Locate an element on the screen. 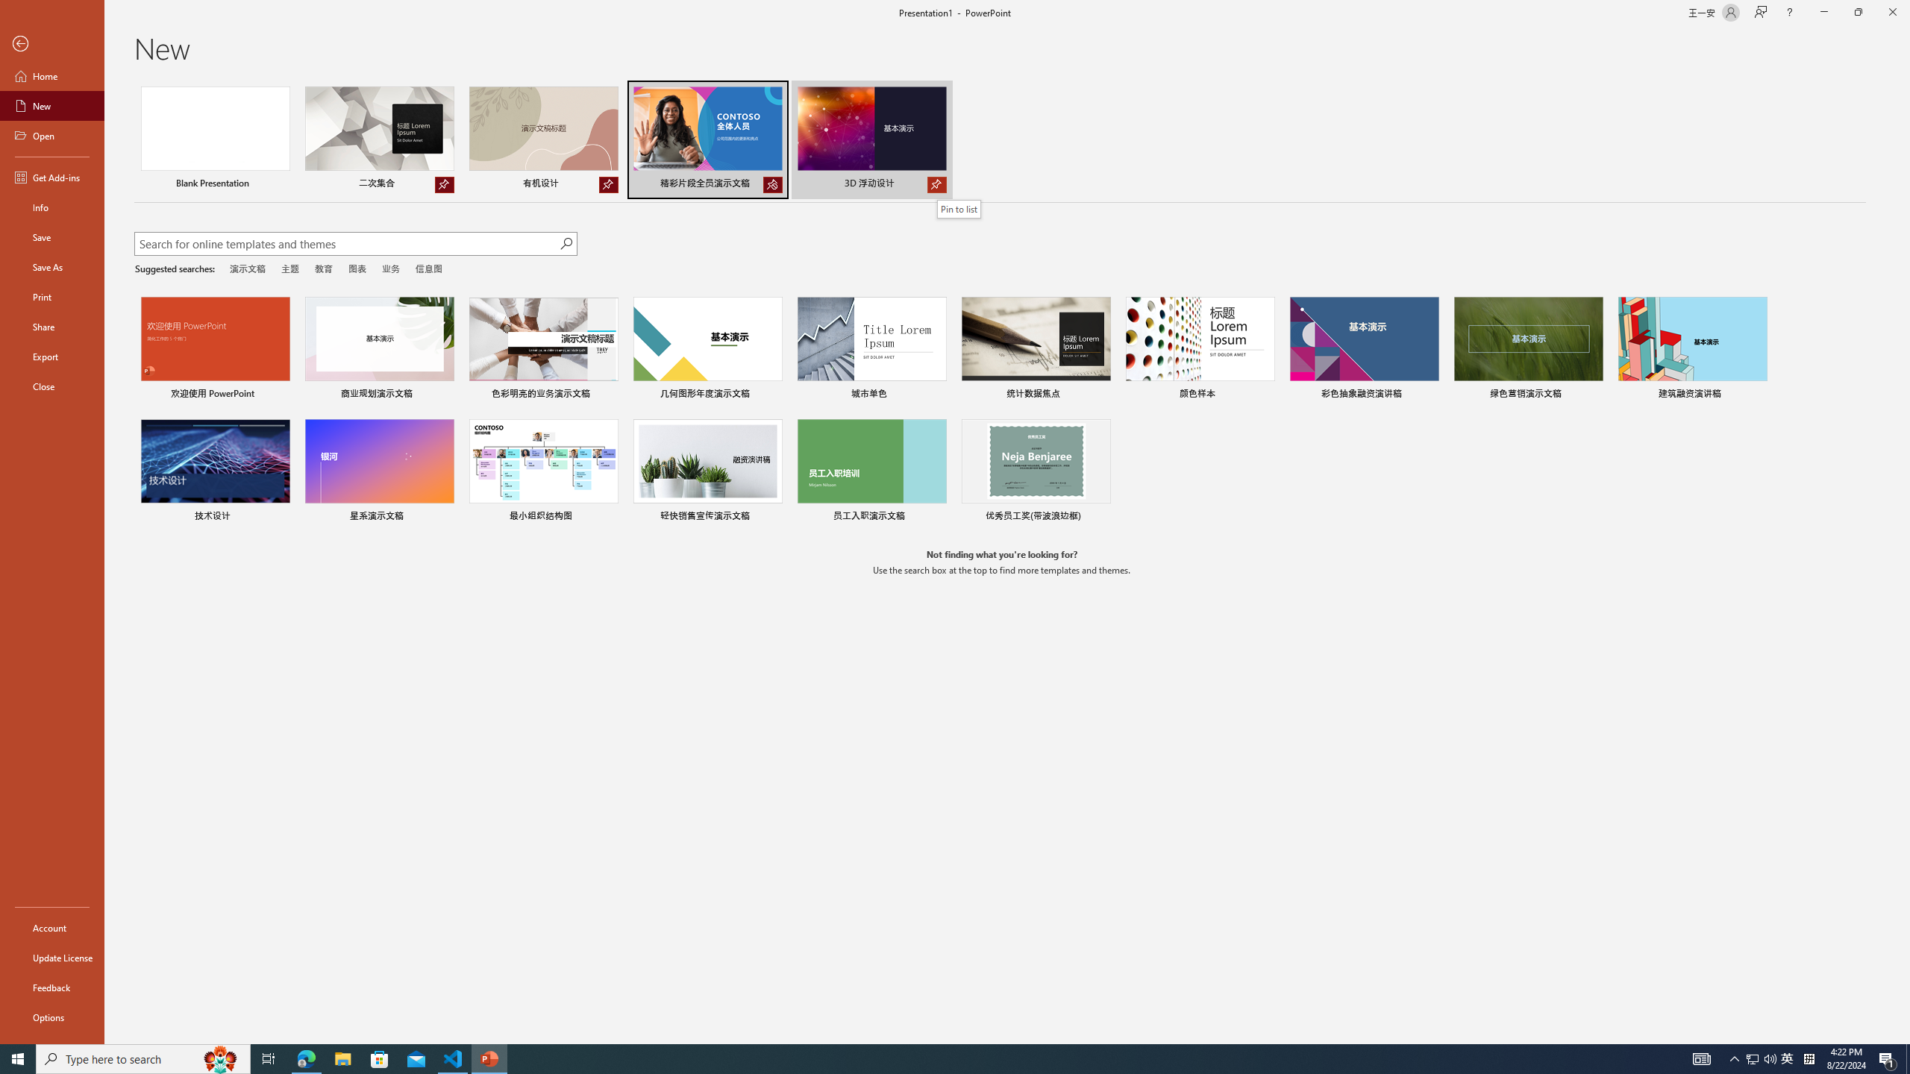 Image resolution: width=1910 pixels, height=1074 pixels. 'Start searching' is located at coordinates (566, 243).